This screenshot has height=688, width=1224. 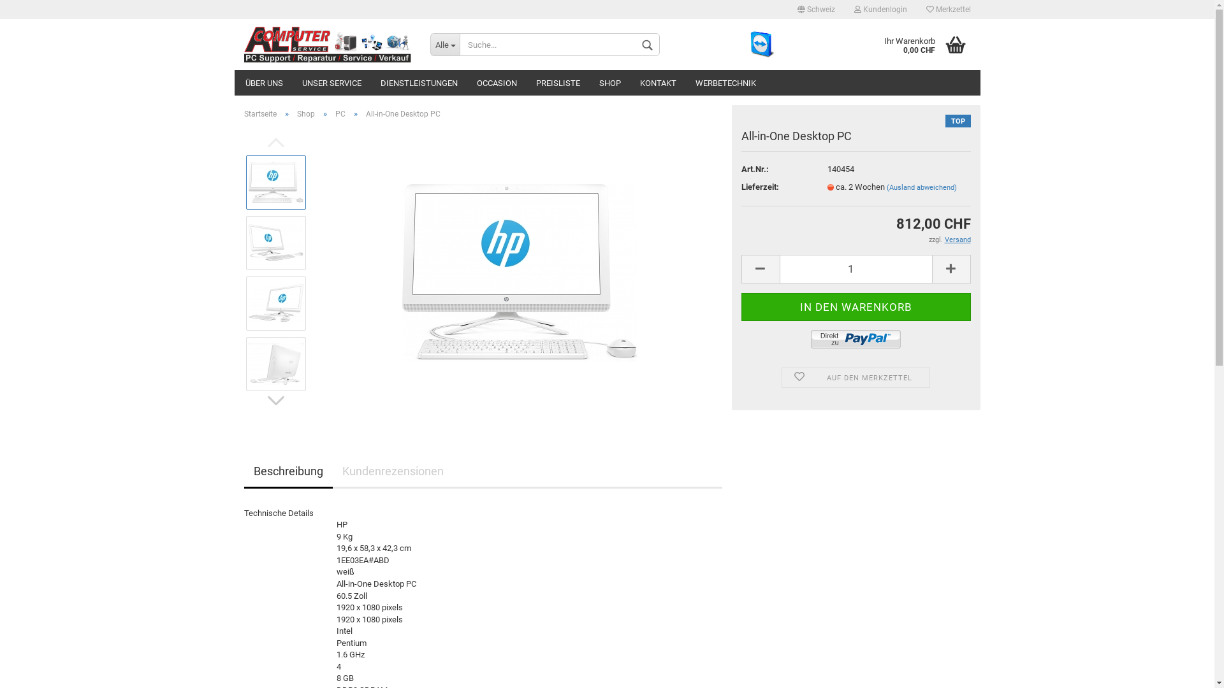 I want to click on 'DIENSTLEISTUNGEN', so click(x=419, y=83).